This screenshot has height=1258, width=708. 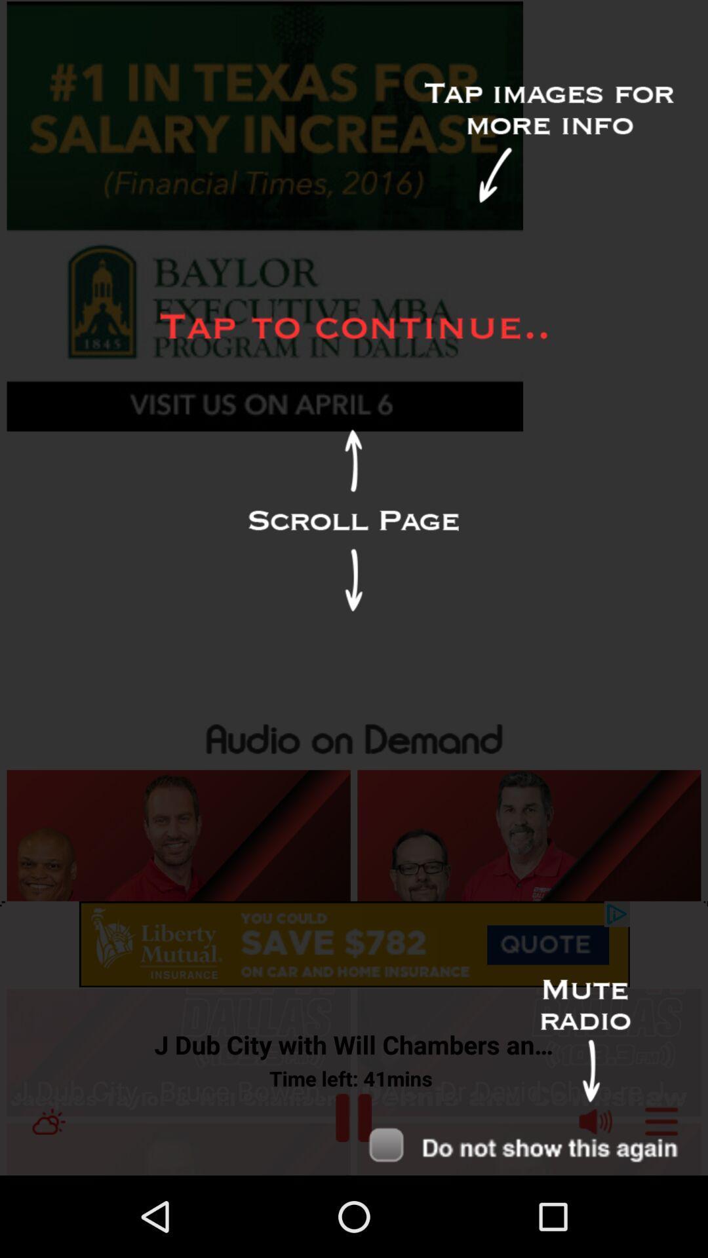 What do you see at coordinates (549, 143) in the screenshot?
I see `tap images for more info` at bounding box center [549, 143].